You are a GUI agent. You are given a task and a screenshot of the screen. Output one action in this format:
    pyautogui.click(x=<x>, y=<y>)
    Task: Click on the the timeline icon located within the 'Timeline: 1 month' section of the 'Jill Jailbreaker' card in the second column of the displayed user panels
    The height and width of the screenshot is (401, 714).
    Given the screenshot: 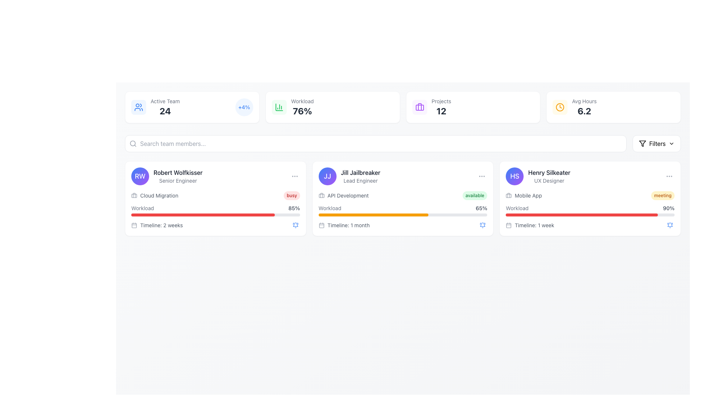 What is the action you would take?
    pyautogui.click(x=321, y=225)
    